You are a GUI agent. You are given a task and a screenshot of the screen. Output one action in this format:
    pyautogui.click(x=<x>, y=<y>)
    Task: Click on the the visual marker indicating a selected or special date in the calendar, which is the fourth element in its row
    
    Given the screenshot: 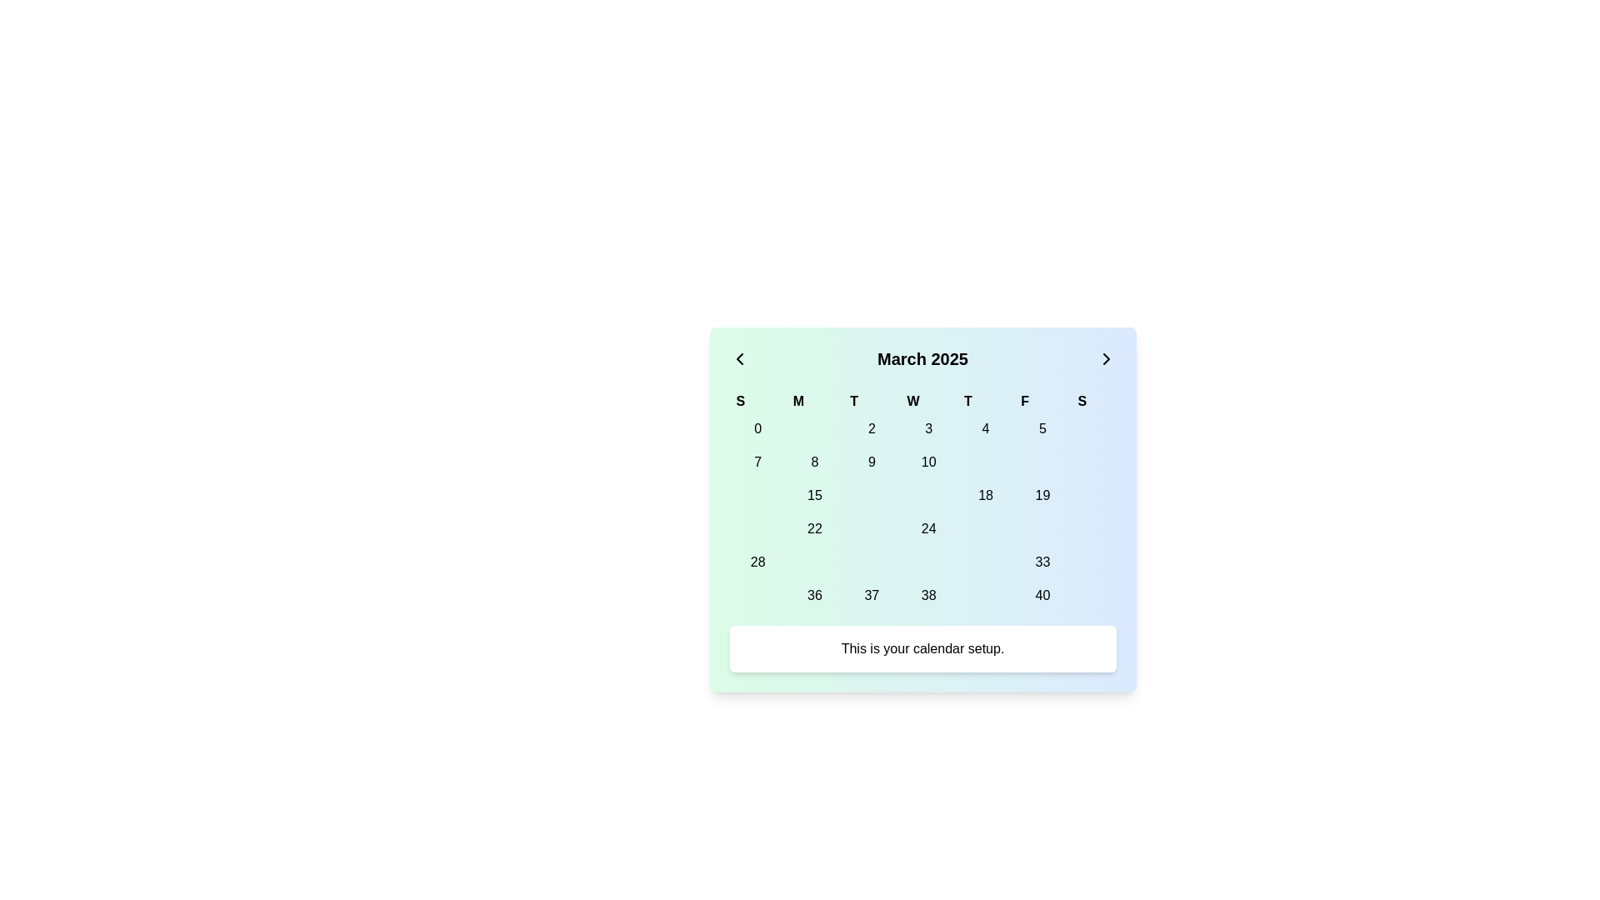 What is the action you would take?
    pyautogui.click(x=927, y=494)
    